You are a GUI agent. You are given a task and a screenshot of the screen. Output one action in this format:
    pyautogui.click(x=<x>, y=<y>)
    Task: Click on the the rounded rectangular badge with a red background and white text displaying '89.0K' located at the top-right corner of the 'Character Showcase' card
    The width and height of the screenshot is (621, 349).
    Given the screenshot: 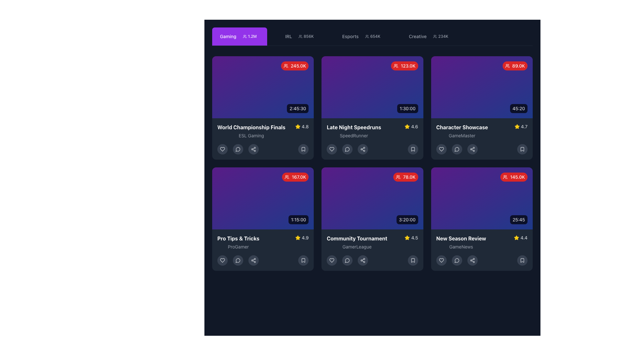 What is the action you would take?
    pyautogui.click(x=515, y=66)
    